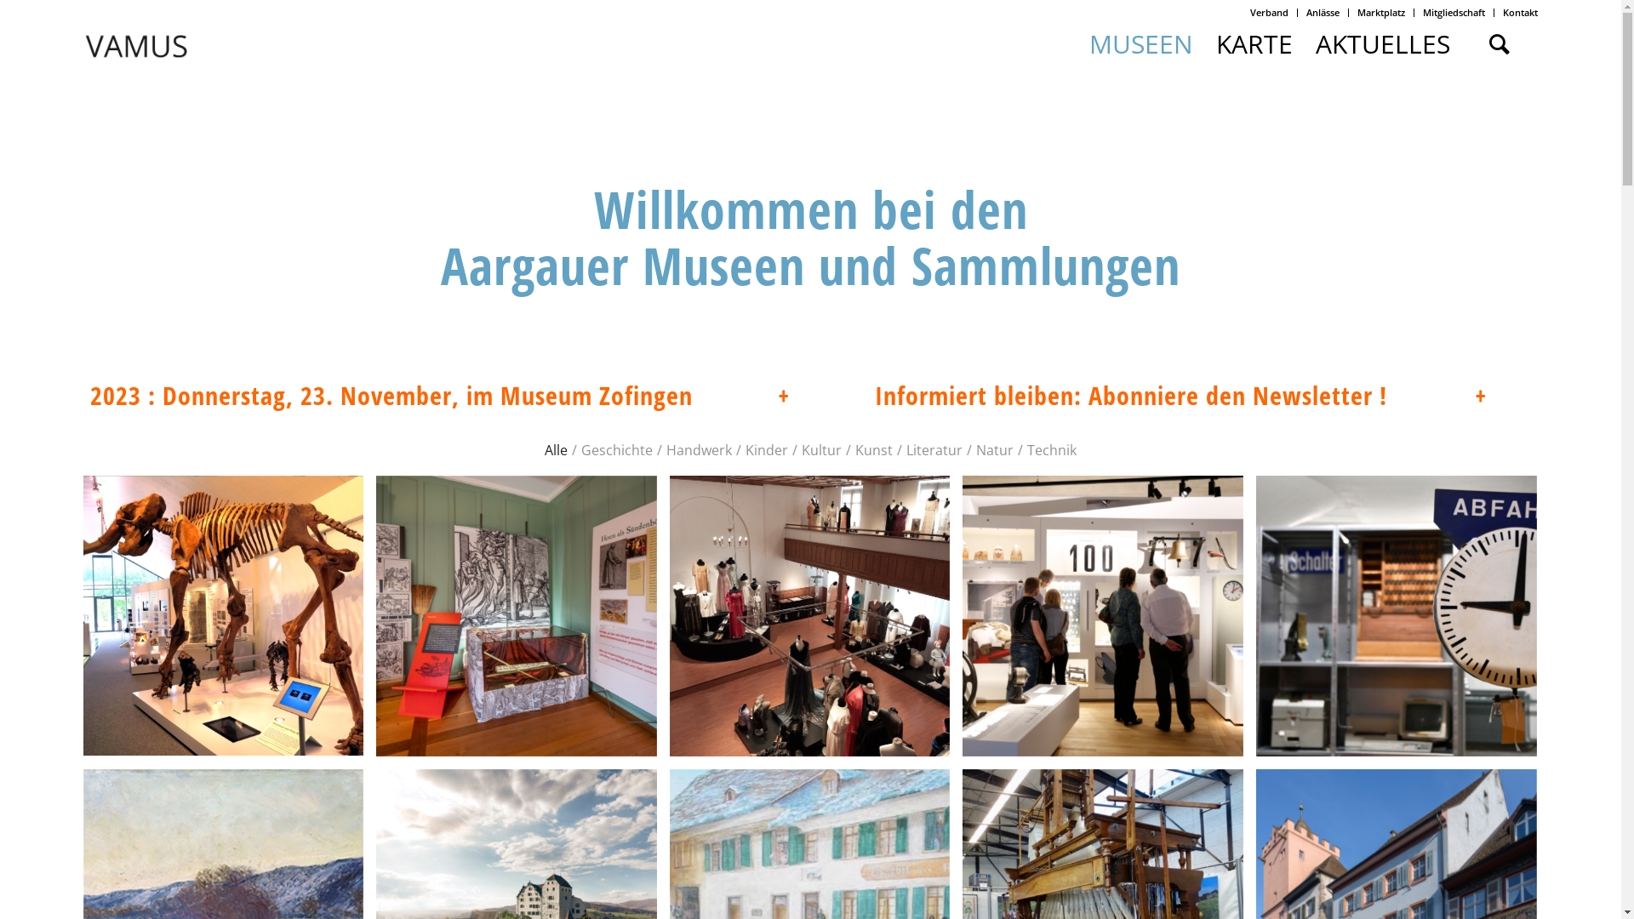 Image resolution: width=1634 pixels, height=919 pixels. What do you see at coordinates (1103, 616) in the screenshot?
I see `'Historisches Museum Baden'` at bounding box center [1103, 616].